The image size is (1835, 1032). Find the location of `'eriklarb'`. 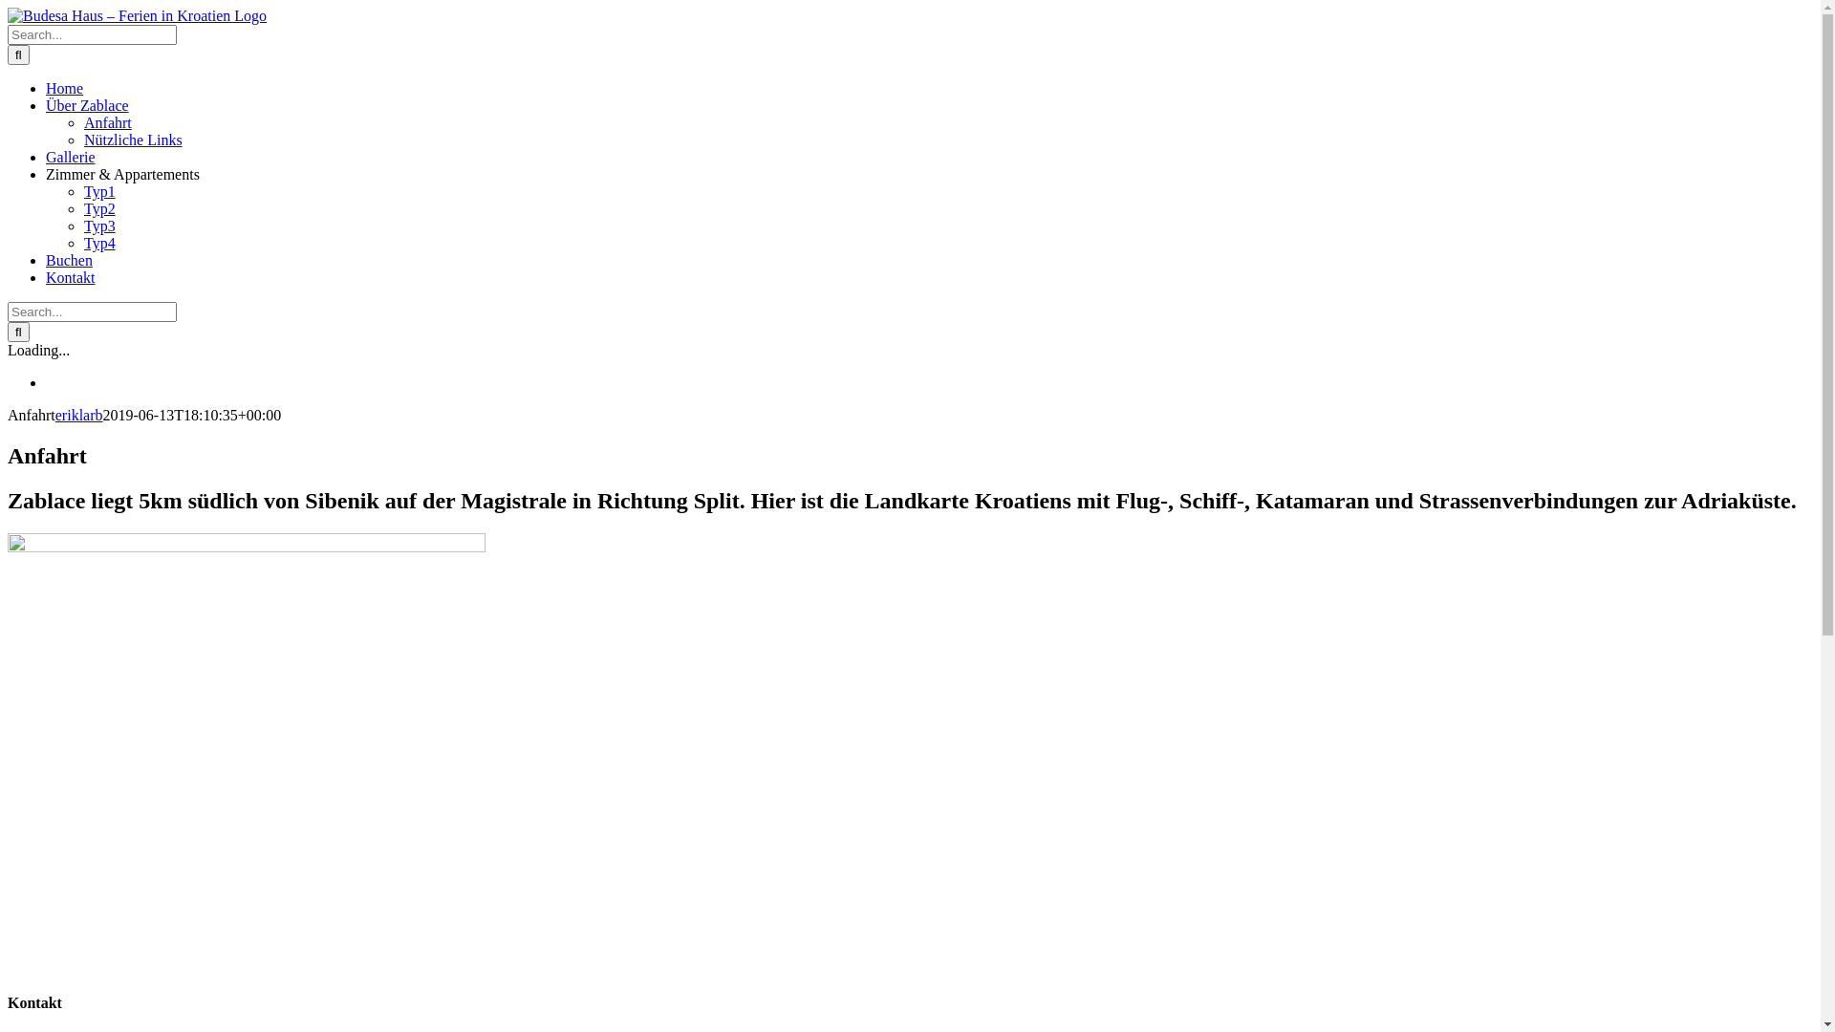

'eriklarb' is located at coordinates (77, 414).